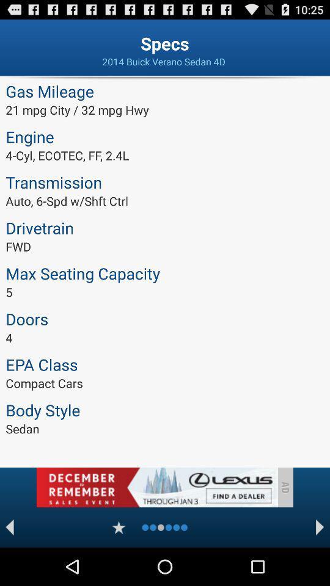  I want to click on favorite, so click(119, 527).